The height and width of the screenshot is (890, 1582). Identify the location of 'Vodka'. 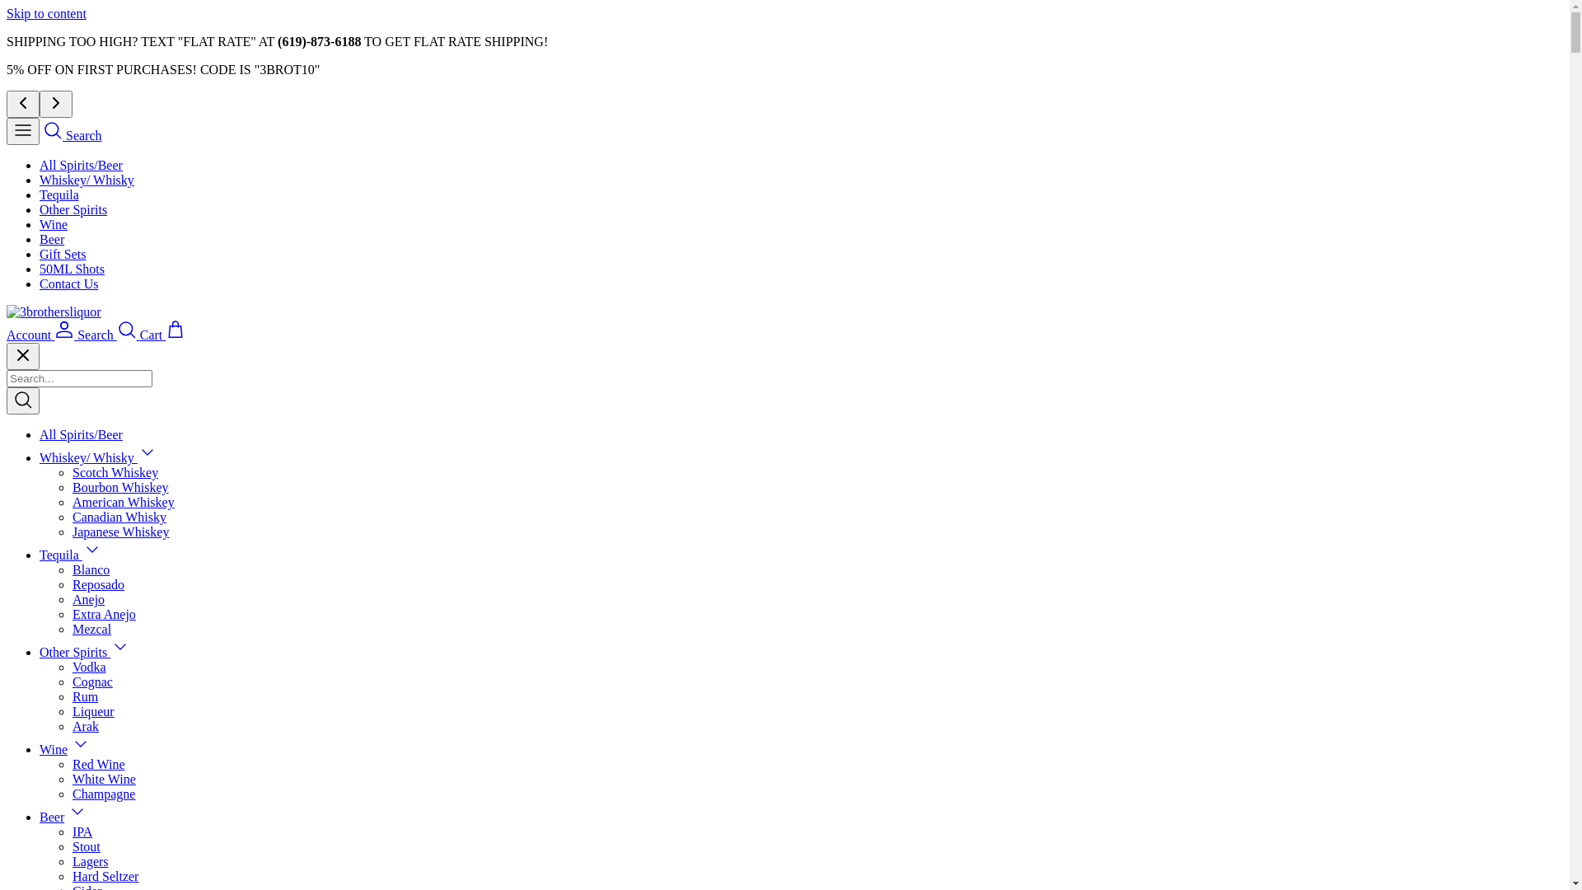
(88, 666).